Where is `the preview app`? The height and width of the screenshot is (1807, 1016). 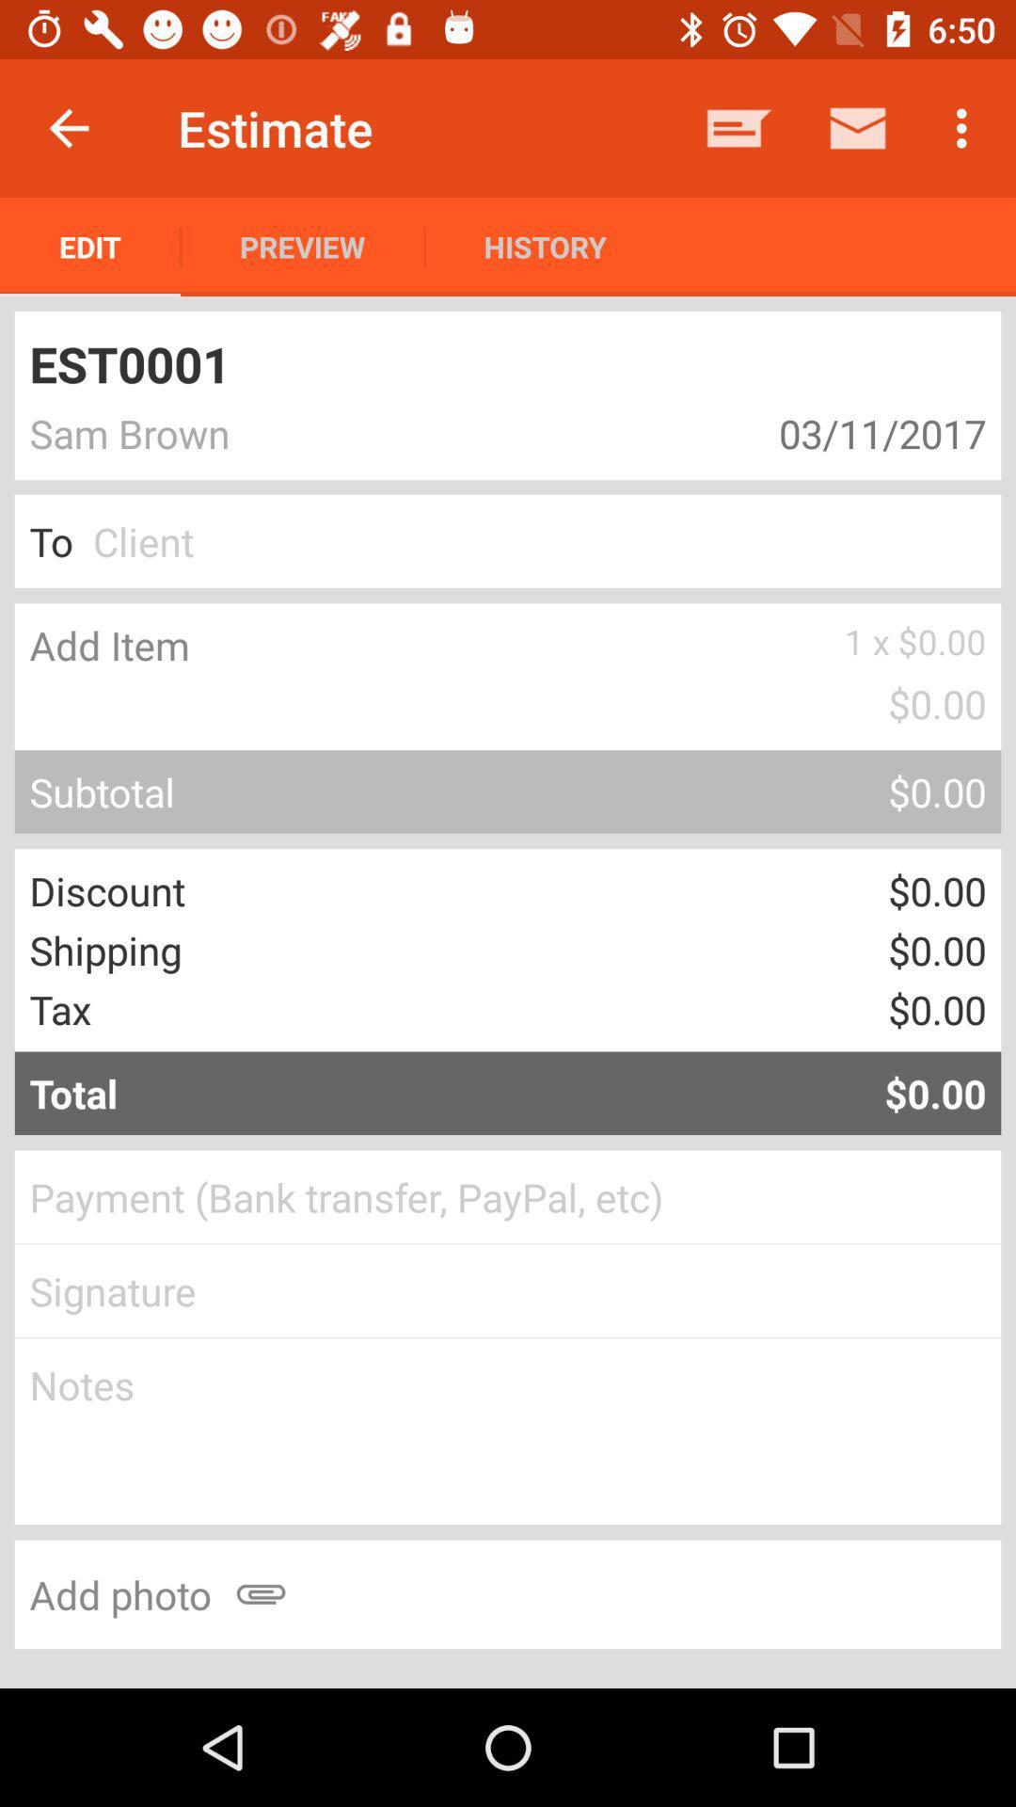 the preview app is located at coordinates (301, 246).